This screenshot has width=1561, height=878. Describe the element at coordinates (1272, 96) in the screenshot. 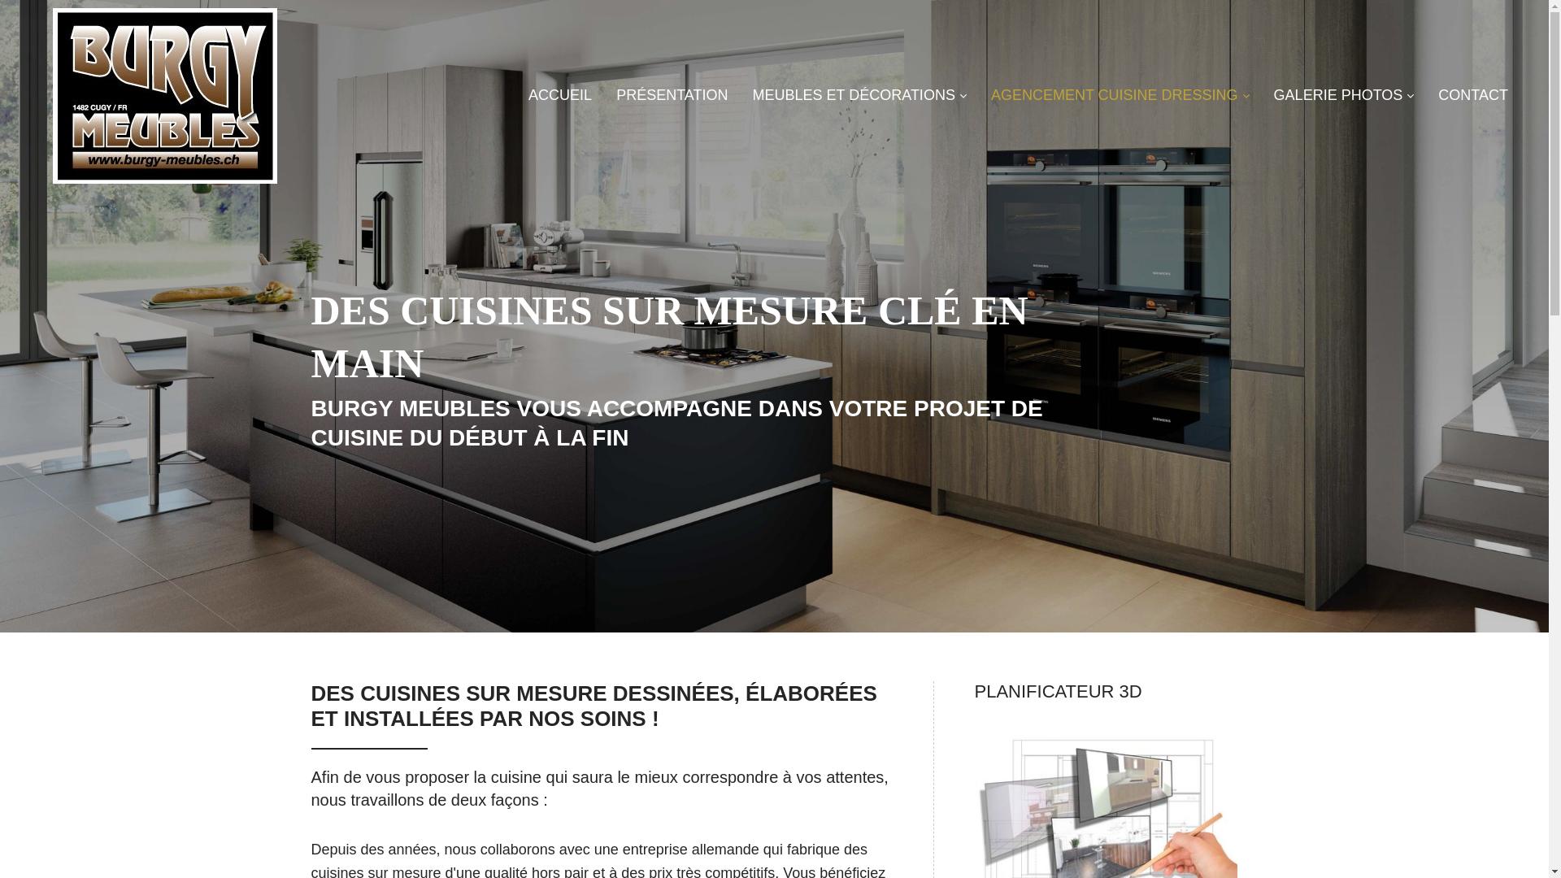

I see `'GALERIE PHOTOS'` at that location.